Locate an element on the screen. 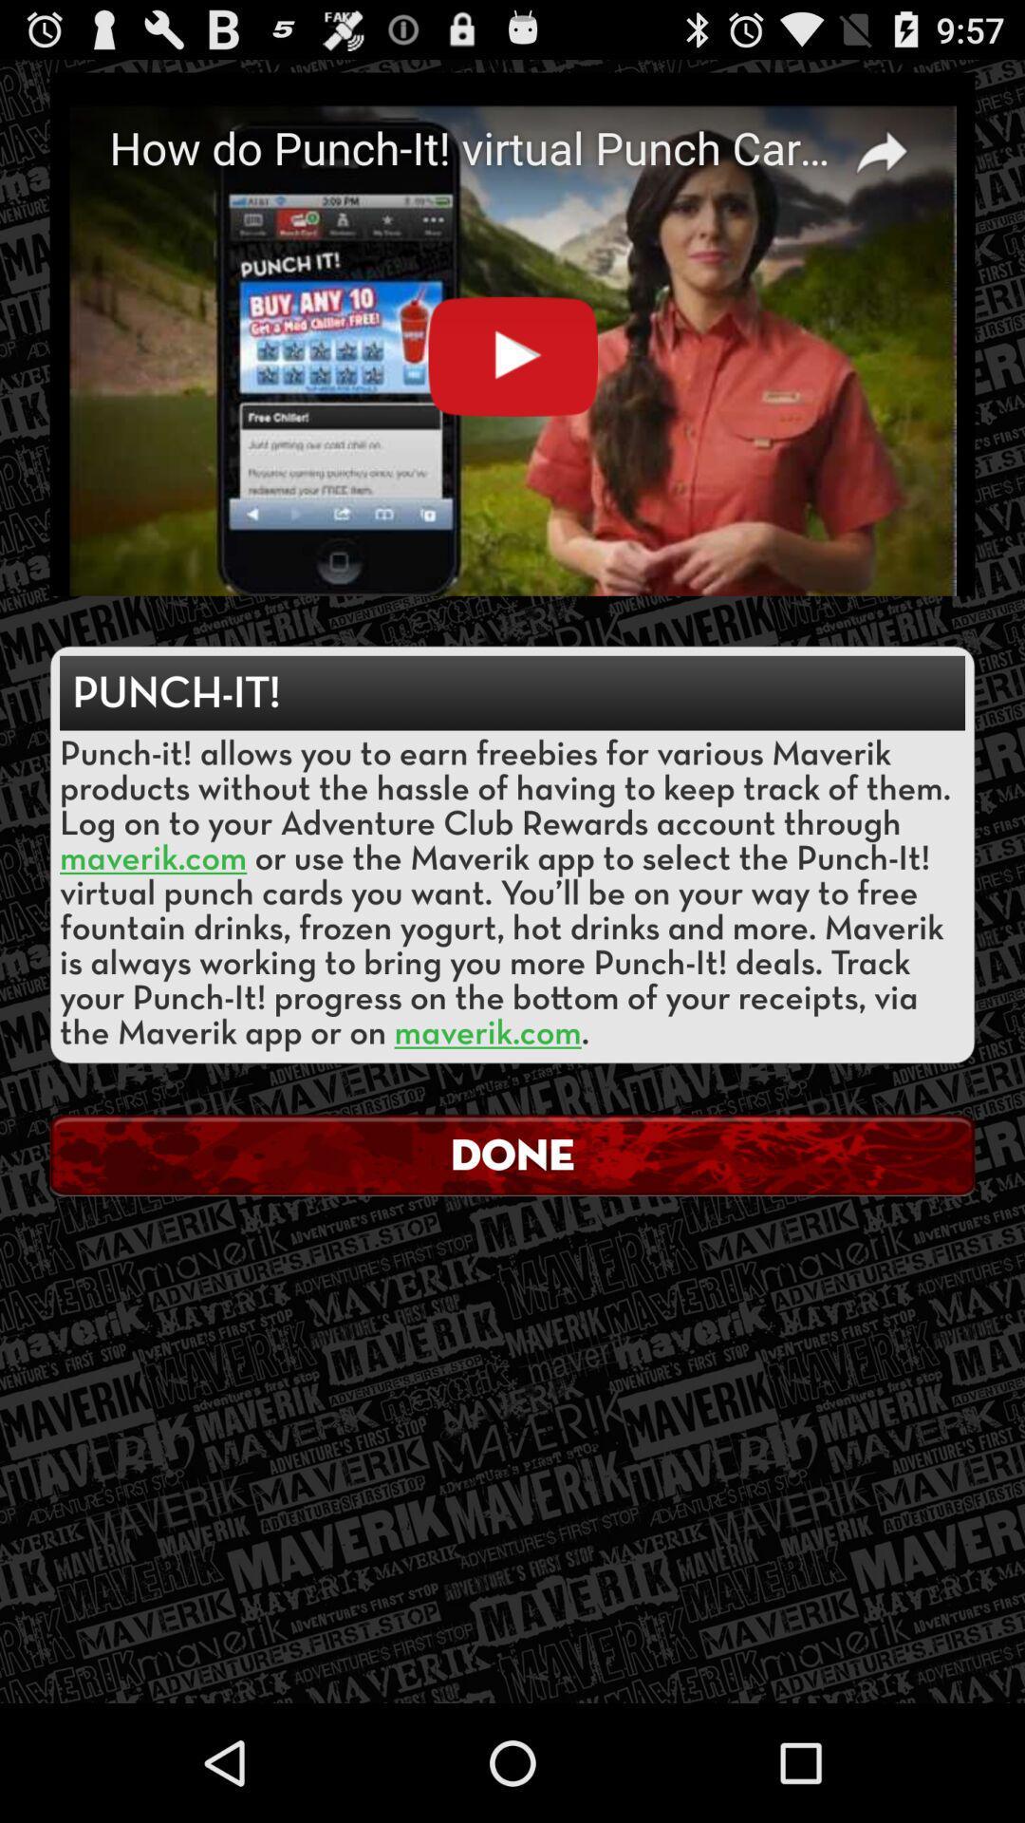  the done is located at coordinates (512, 1154).